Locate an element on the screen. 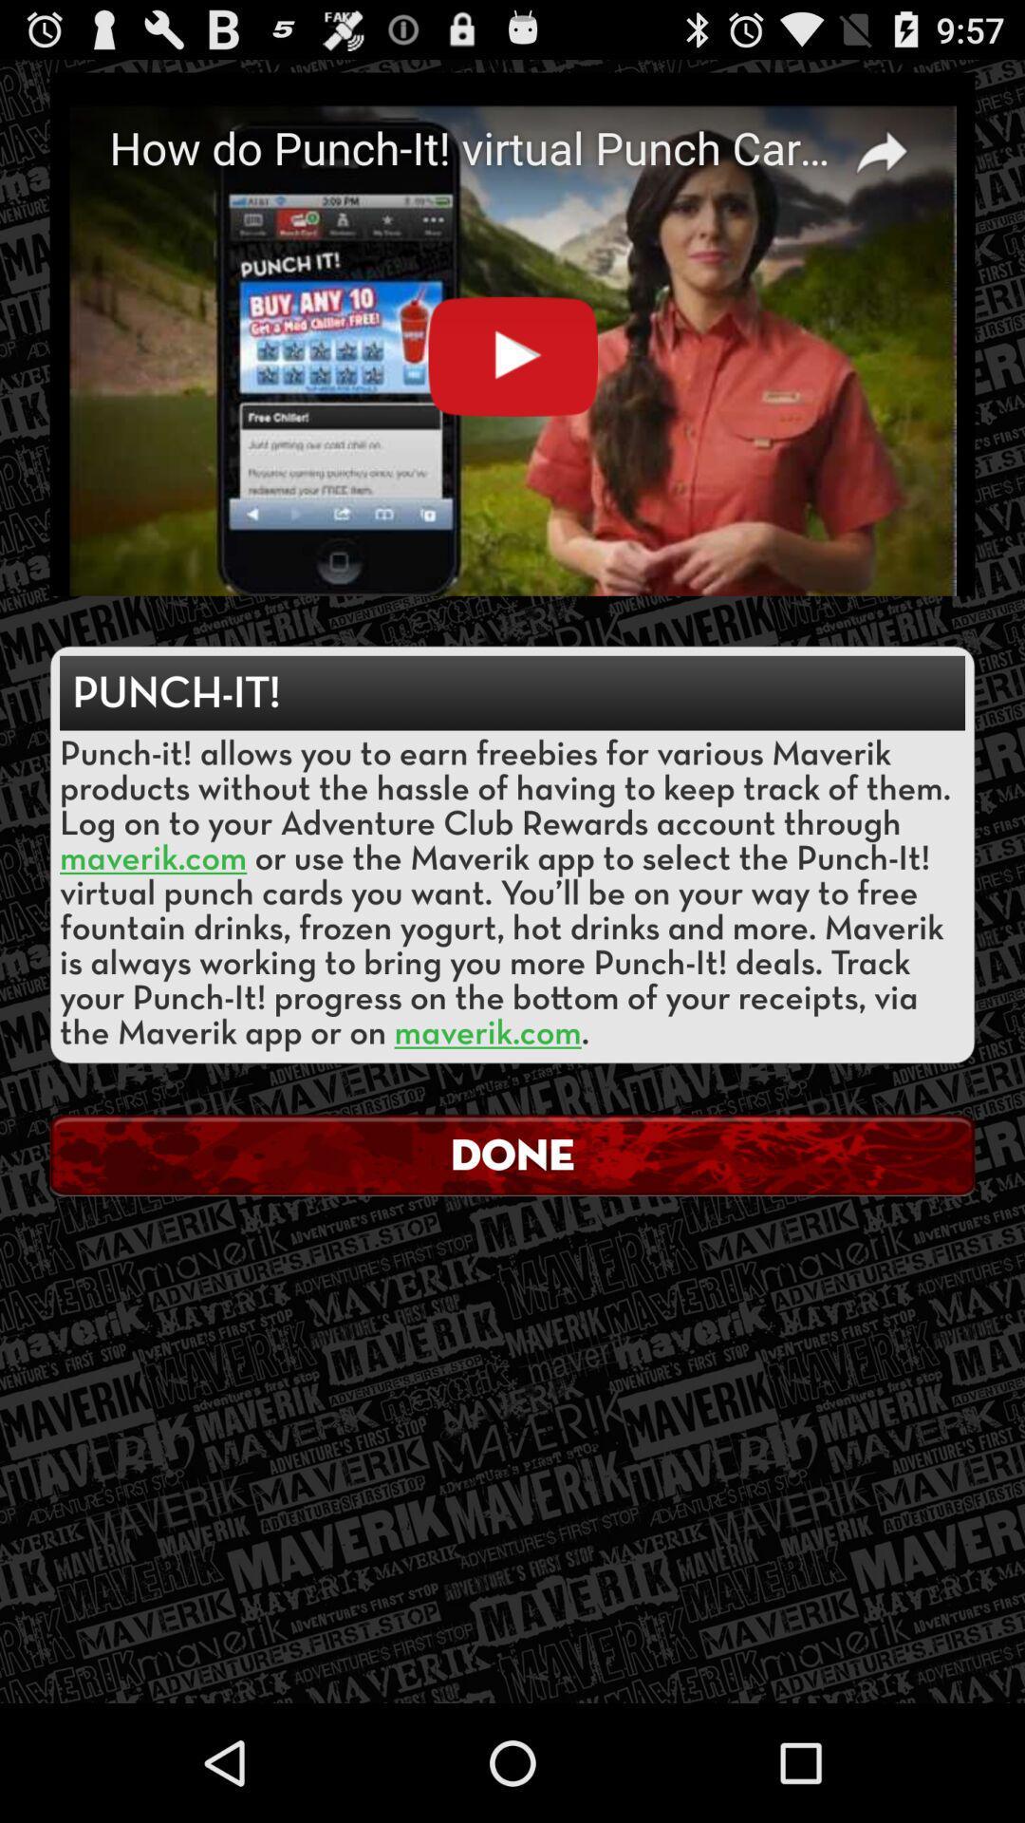  the done is located at coordinates (512, 1154).